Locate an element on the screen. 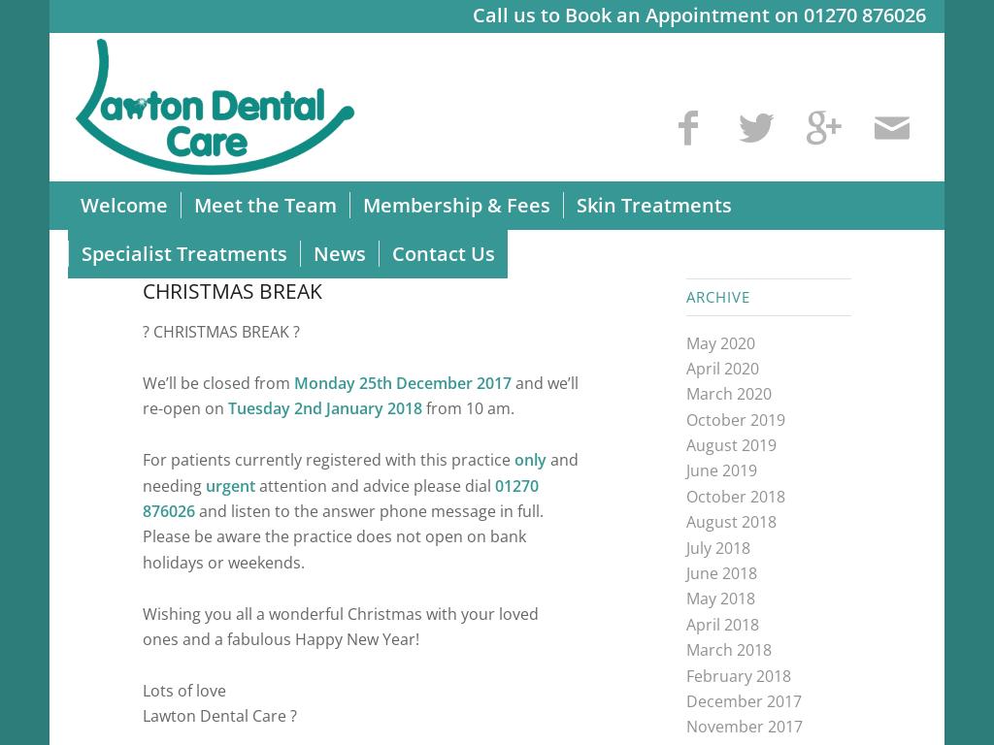 Image resolution: width=994 pixels, height=745 pixels. 'Wishing you all a wonderful Christmas with your loved ones' is located at coordinates (341, 624).